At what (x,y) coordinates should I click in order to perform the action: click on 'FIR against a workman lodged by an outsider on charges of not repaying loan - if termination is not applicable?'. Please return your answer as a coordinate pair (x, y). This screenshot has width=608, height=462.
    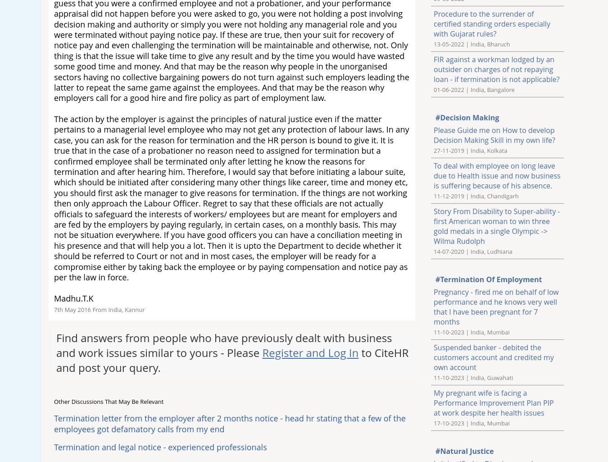
    Looking at the image, I should click on (496, 69).